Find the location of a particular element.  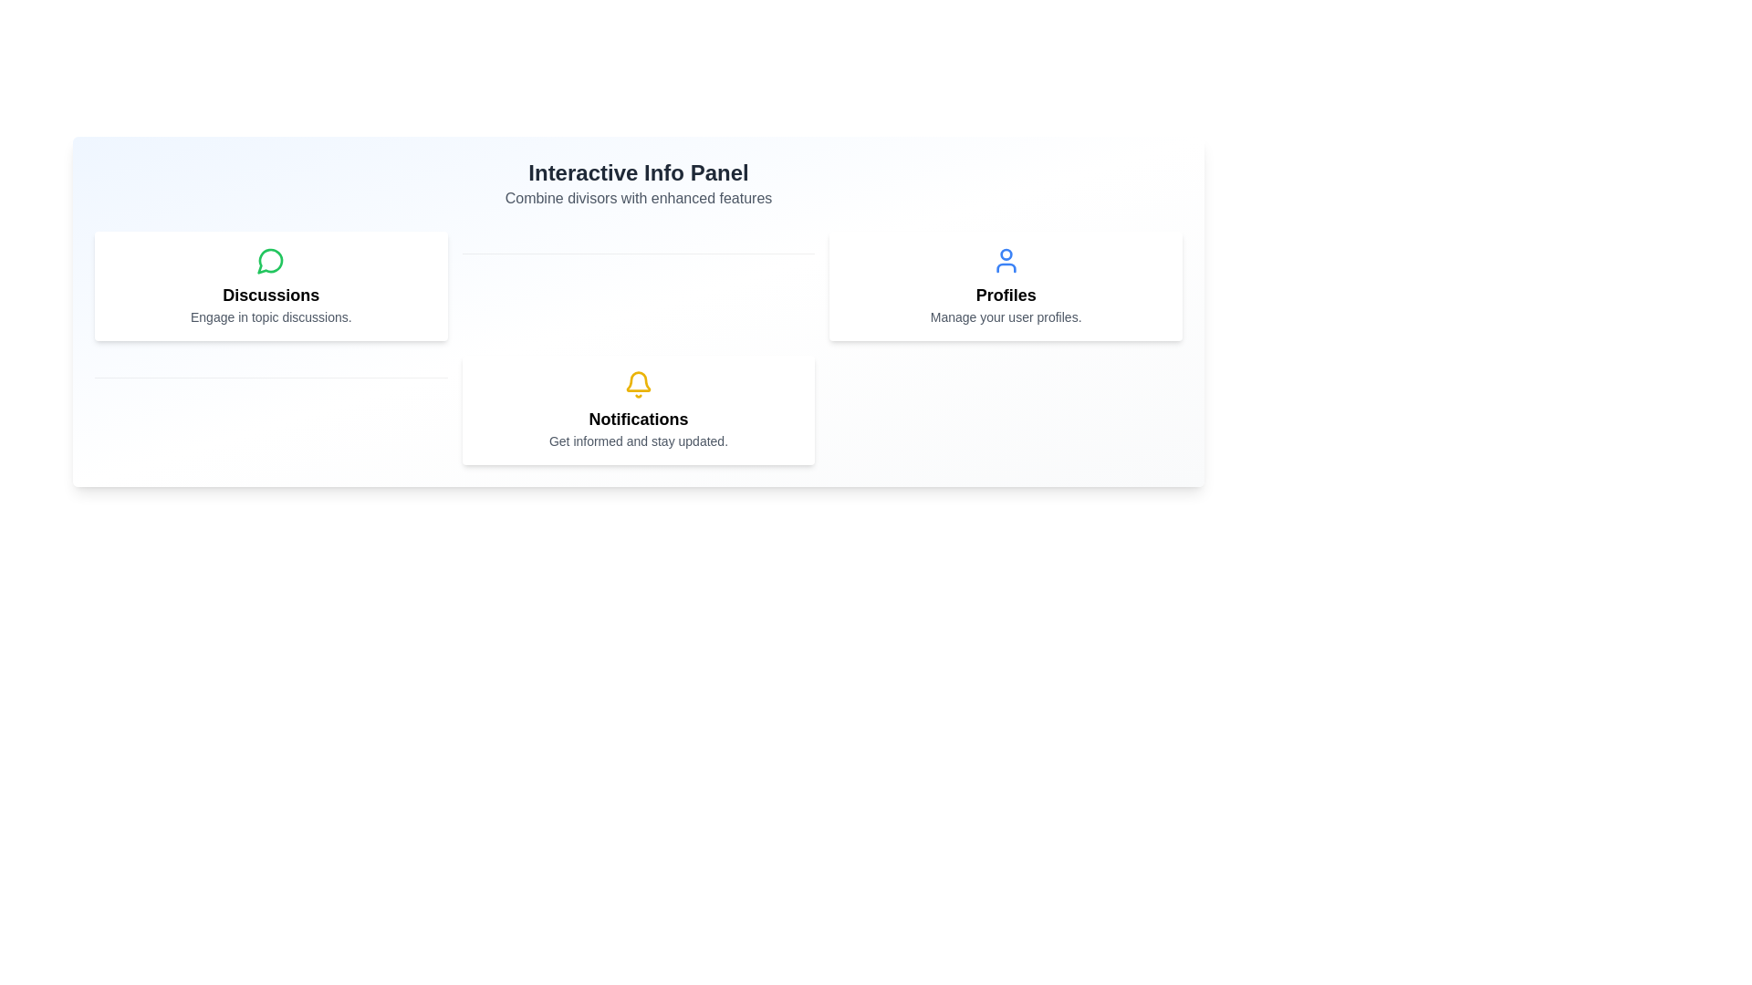

the second card in the horizontal grid layout that provides access to manage user profiles or view relevant information associated with user accounts is located at coordinates (1005, 285).